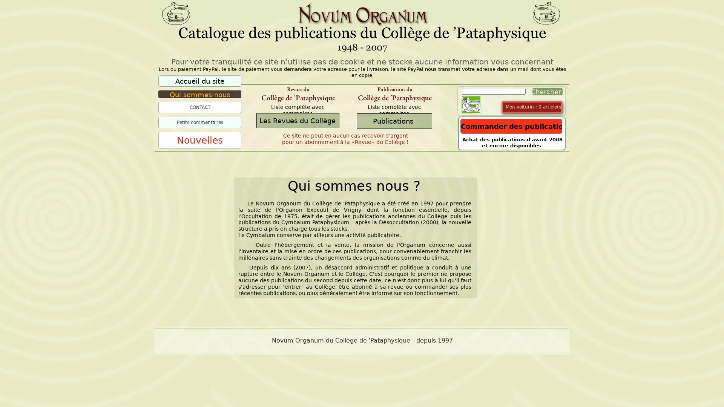 This screenshot has height=407, width=724. Describe the element at coordinates (534, 107) in the screenshot. I see `Mon voiturin : 0 article(s)` at that location.